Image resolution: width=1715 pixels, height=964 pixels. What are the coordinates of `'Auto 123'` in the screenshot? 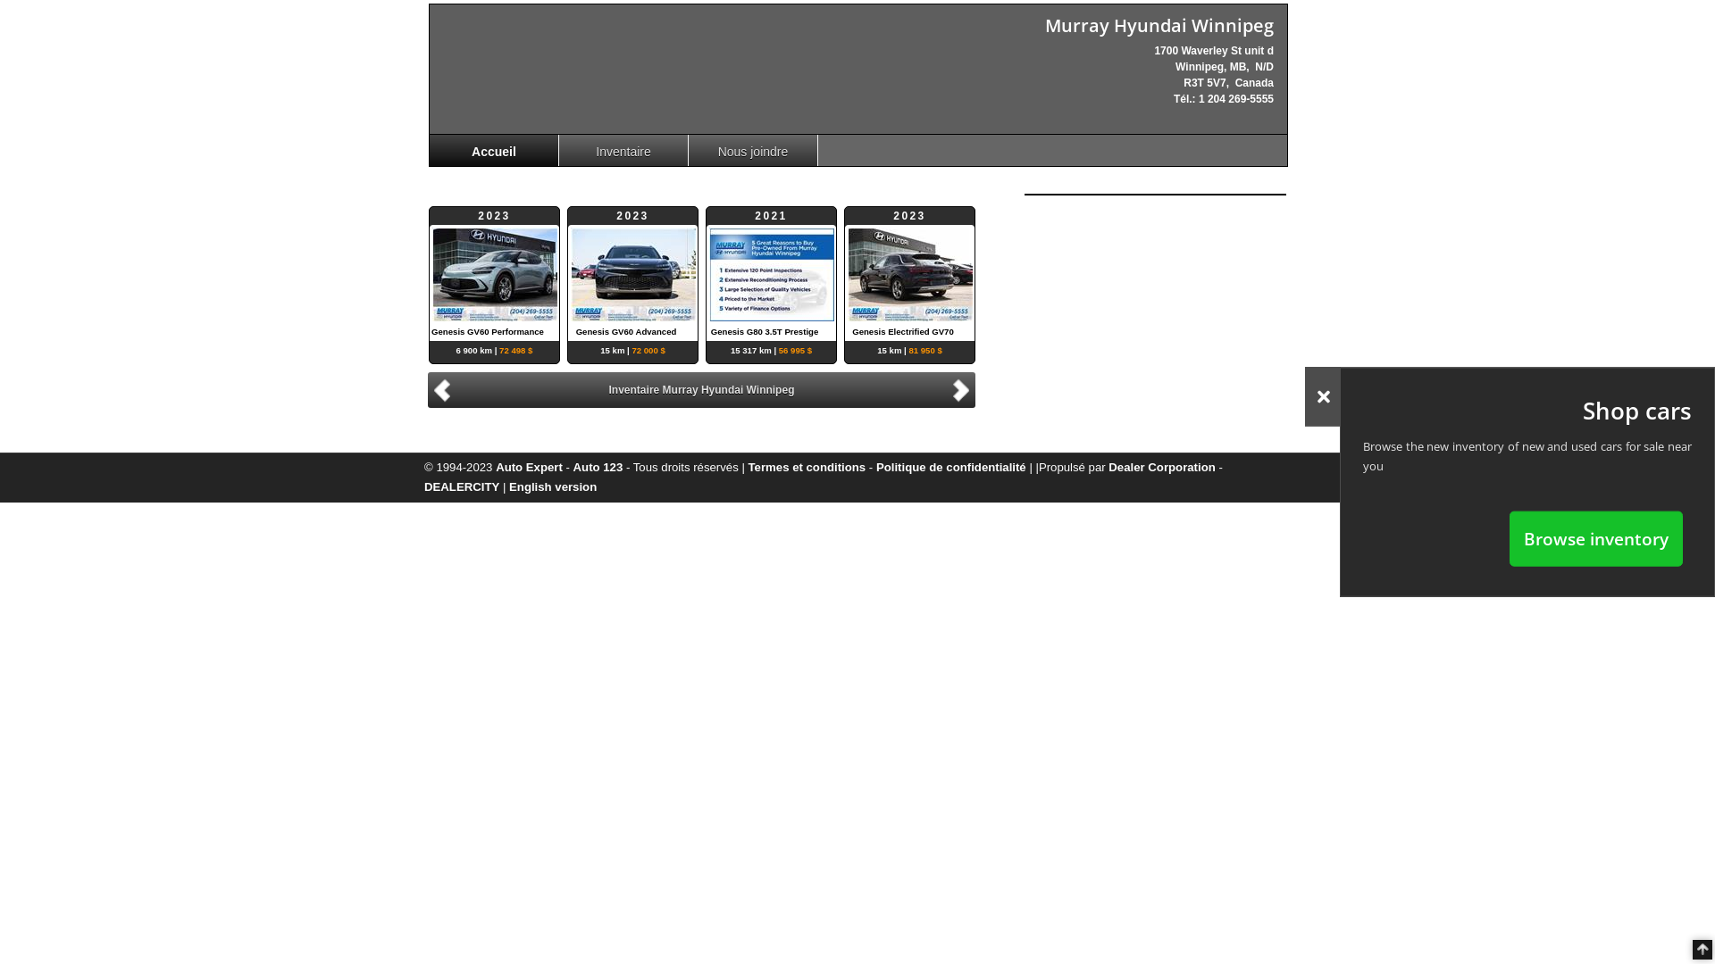 It's located at (598, 466).